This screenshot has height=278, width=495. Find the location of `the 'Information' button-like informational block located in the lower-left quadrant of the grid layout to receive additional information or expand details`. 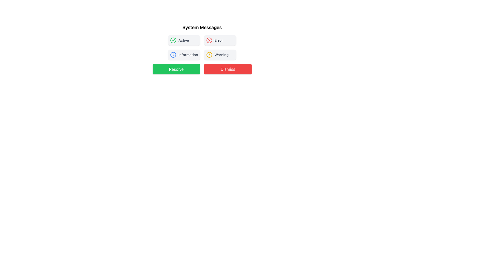

the 'Information' button-like informational block located in the lower-left quadrant of the grid layout to receive additional information or expand details is located at coordinates (184, 55).